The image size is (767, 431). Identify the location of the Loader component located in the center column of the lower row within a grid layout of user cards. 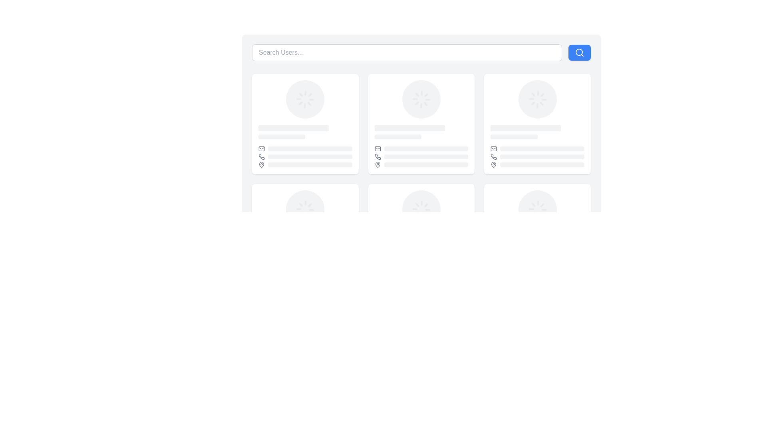
(421, 209).